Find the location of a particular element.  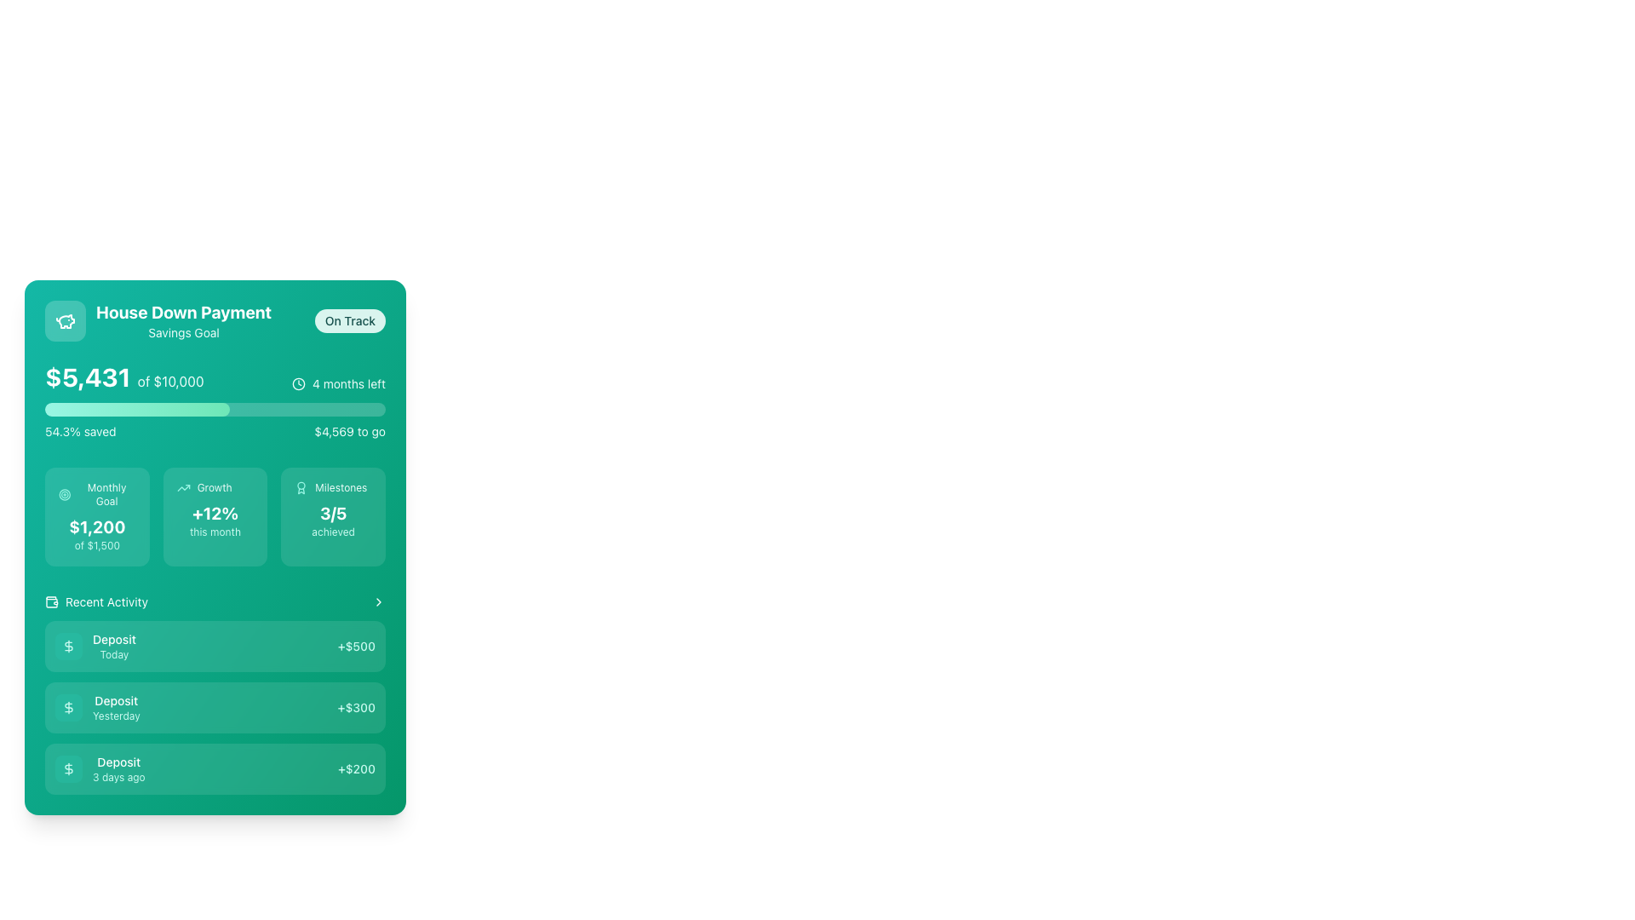

the third log entry for a deposit transaction in the 'Recent Activity' section, which shows details of a deposit that occurred 3 days ago is located at coordinates (215, 768).